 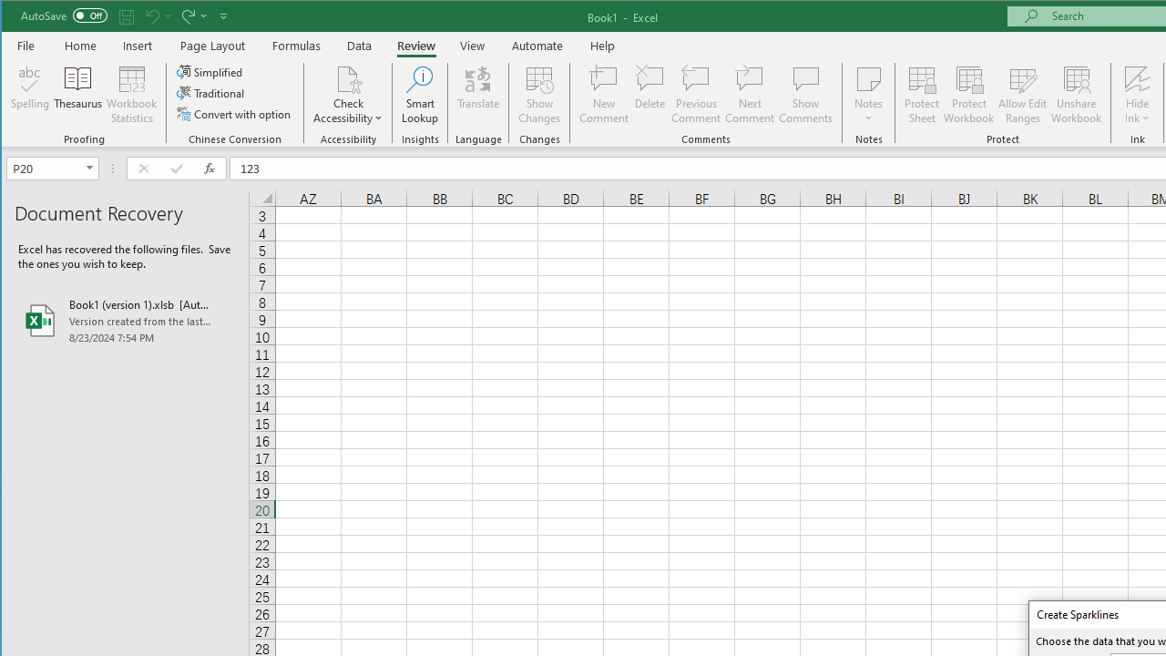 What do you see at coordinates (537, 45) in the screenshot?
I see `'Automate'` at bounding box center [537, 45].